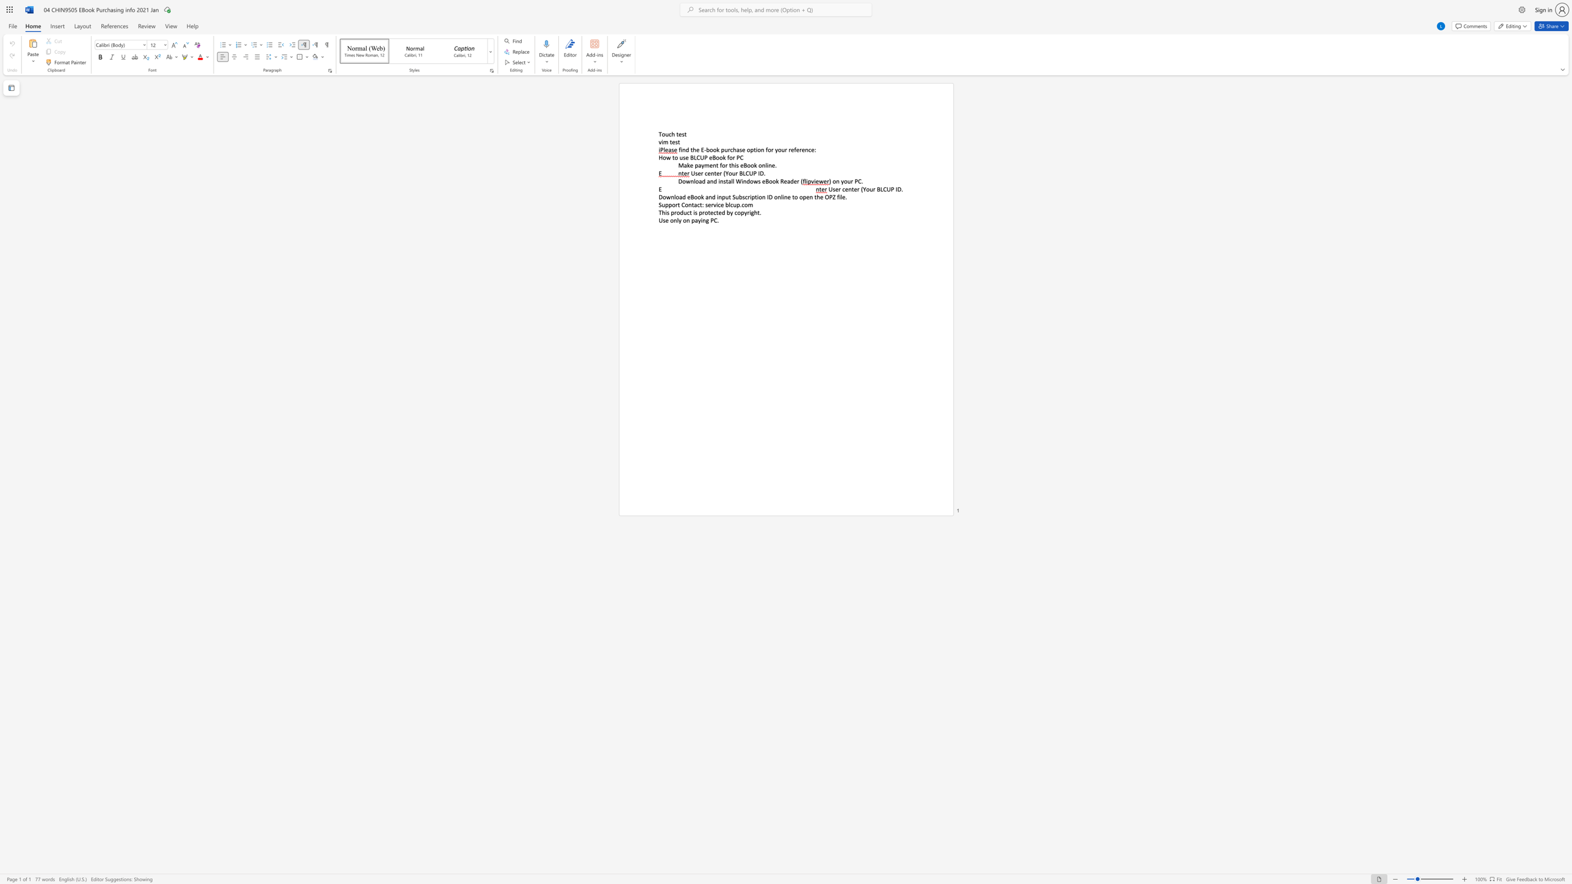 Image resolution: width=1572 pixels, height=884 pixels. I want to click on the subset text "Make paymen" within the text "Make payment for this eBook online.", so click(678, 165).